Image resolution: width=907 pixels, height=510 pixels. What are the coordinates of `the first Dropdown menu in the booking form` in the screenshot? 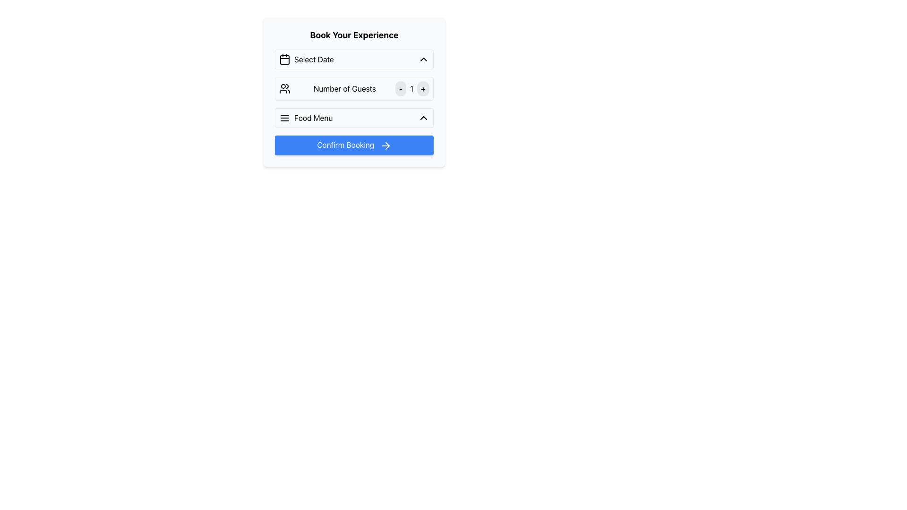 It's located at (353, 59).